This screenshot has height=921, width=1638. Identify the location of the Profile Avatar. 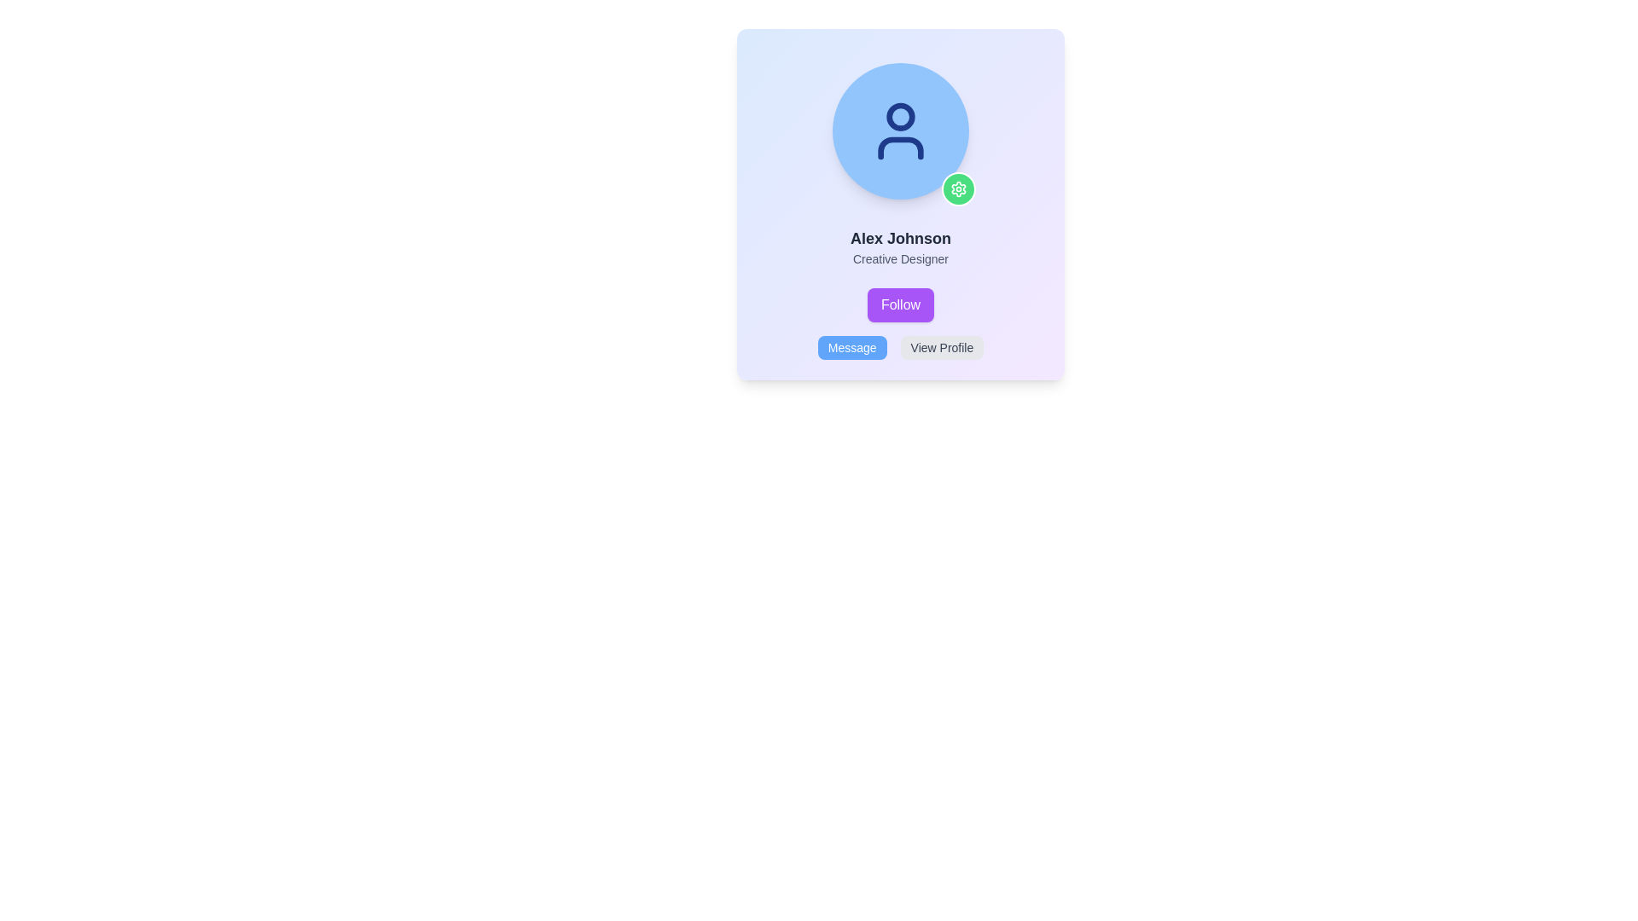
(900, 130).